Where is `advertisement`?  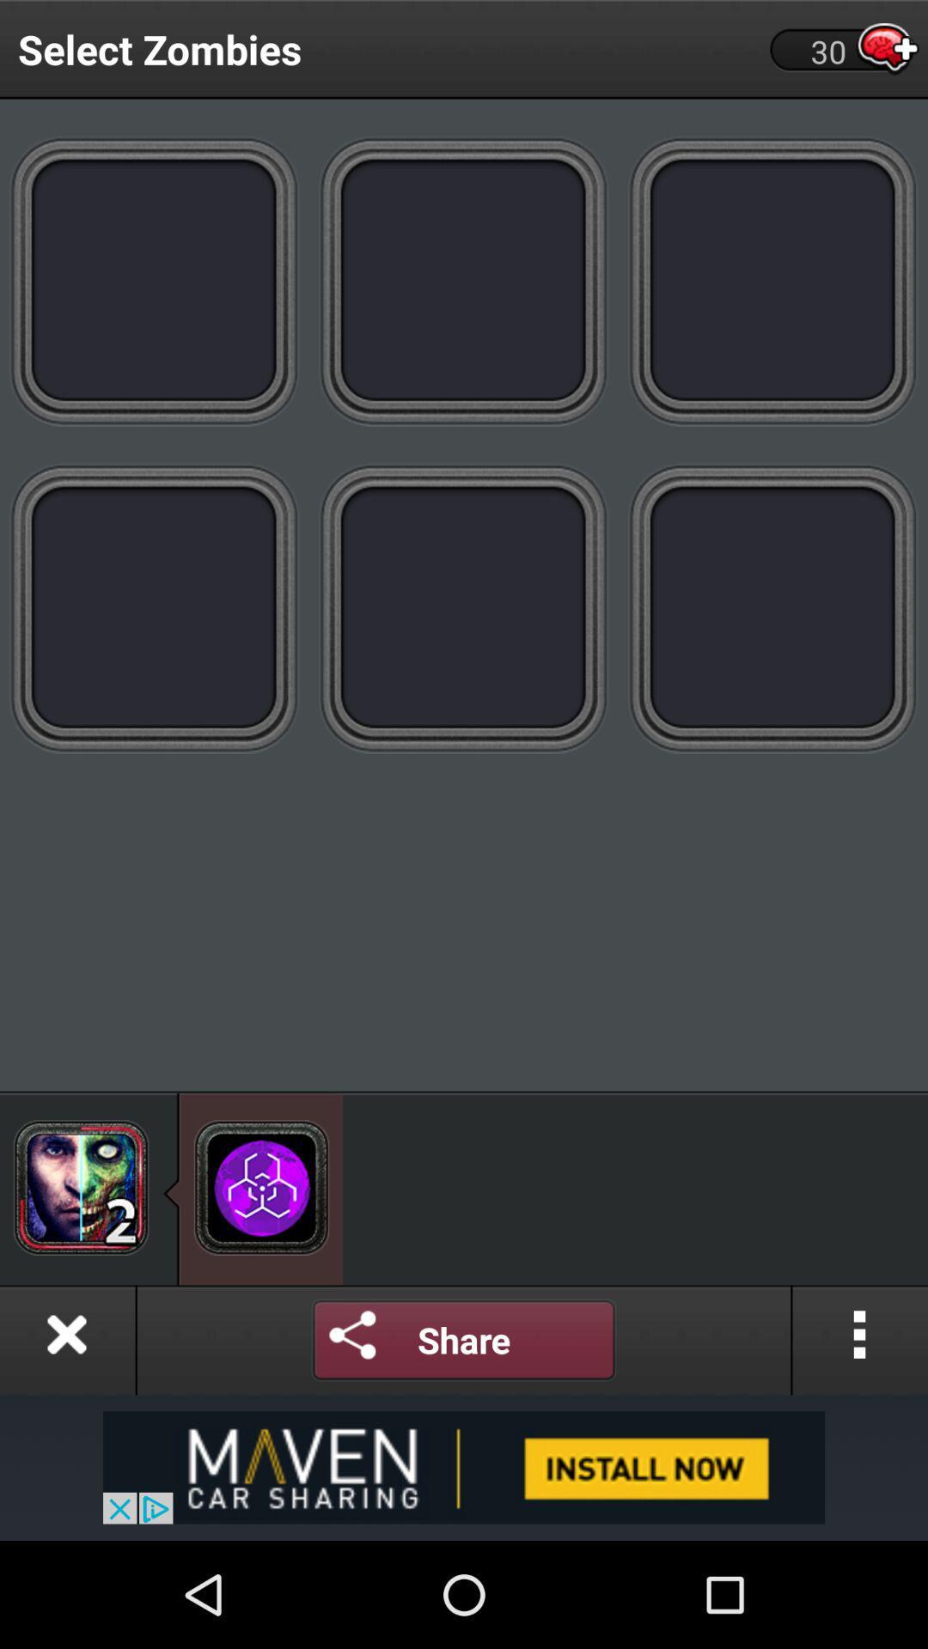
advertisement is located at coordinates (464, 1466).